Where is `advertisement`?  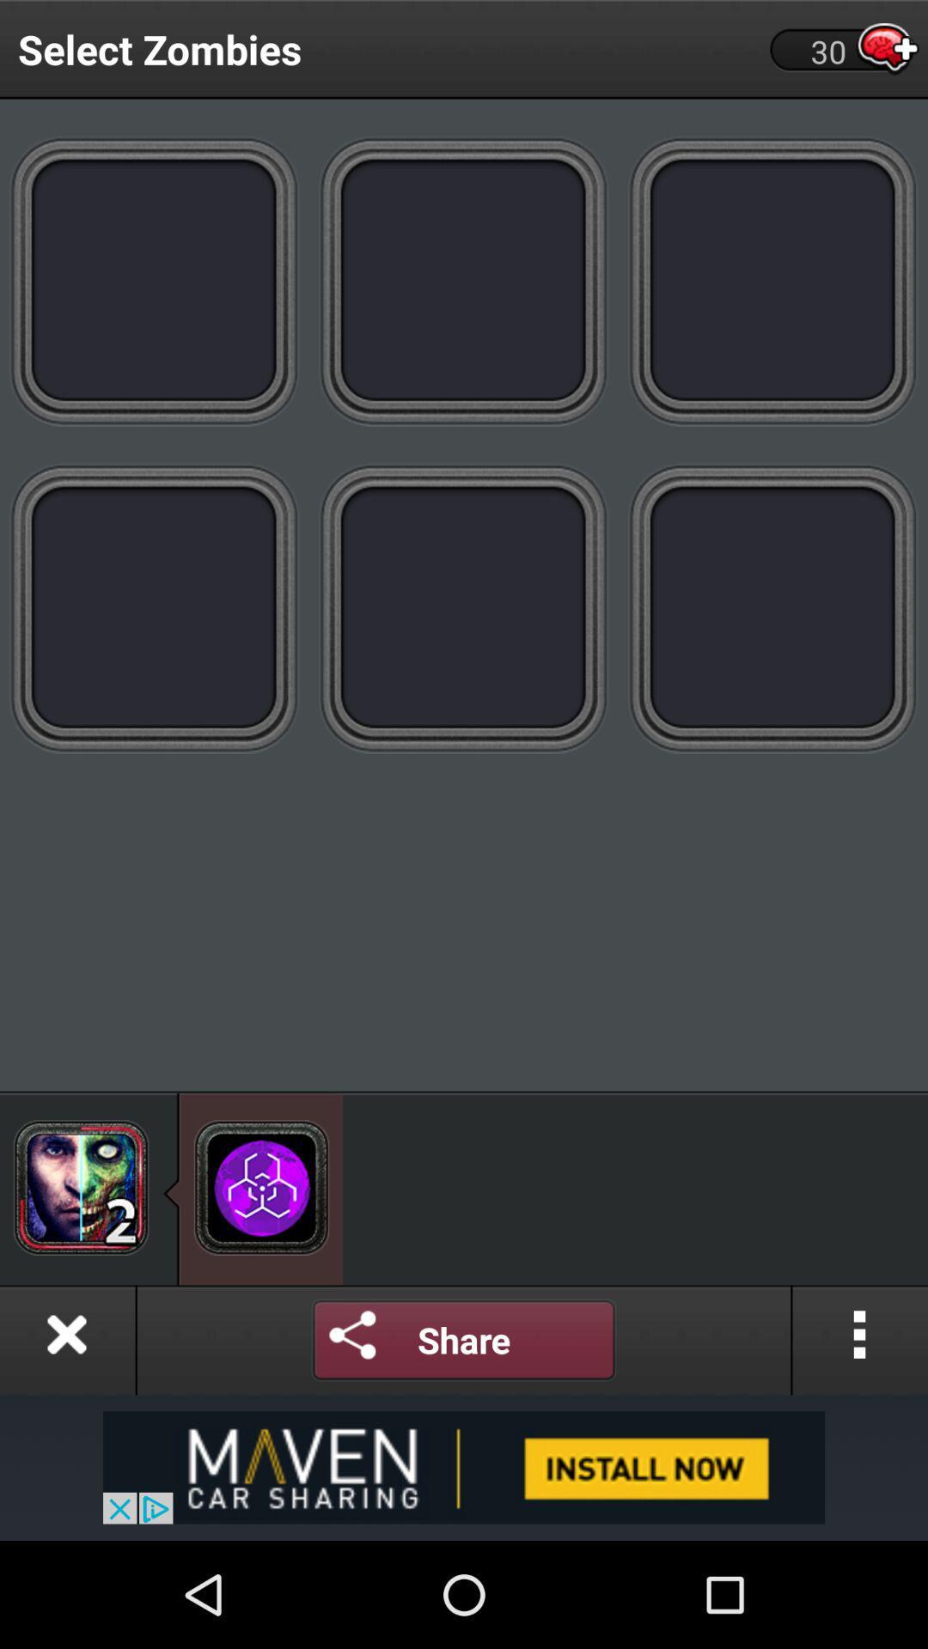
advertisement is located at coordinates (464, 1466).